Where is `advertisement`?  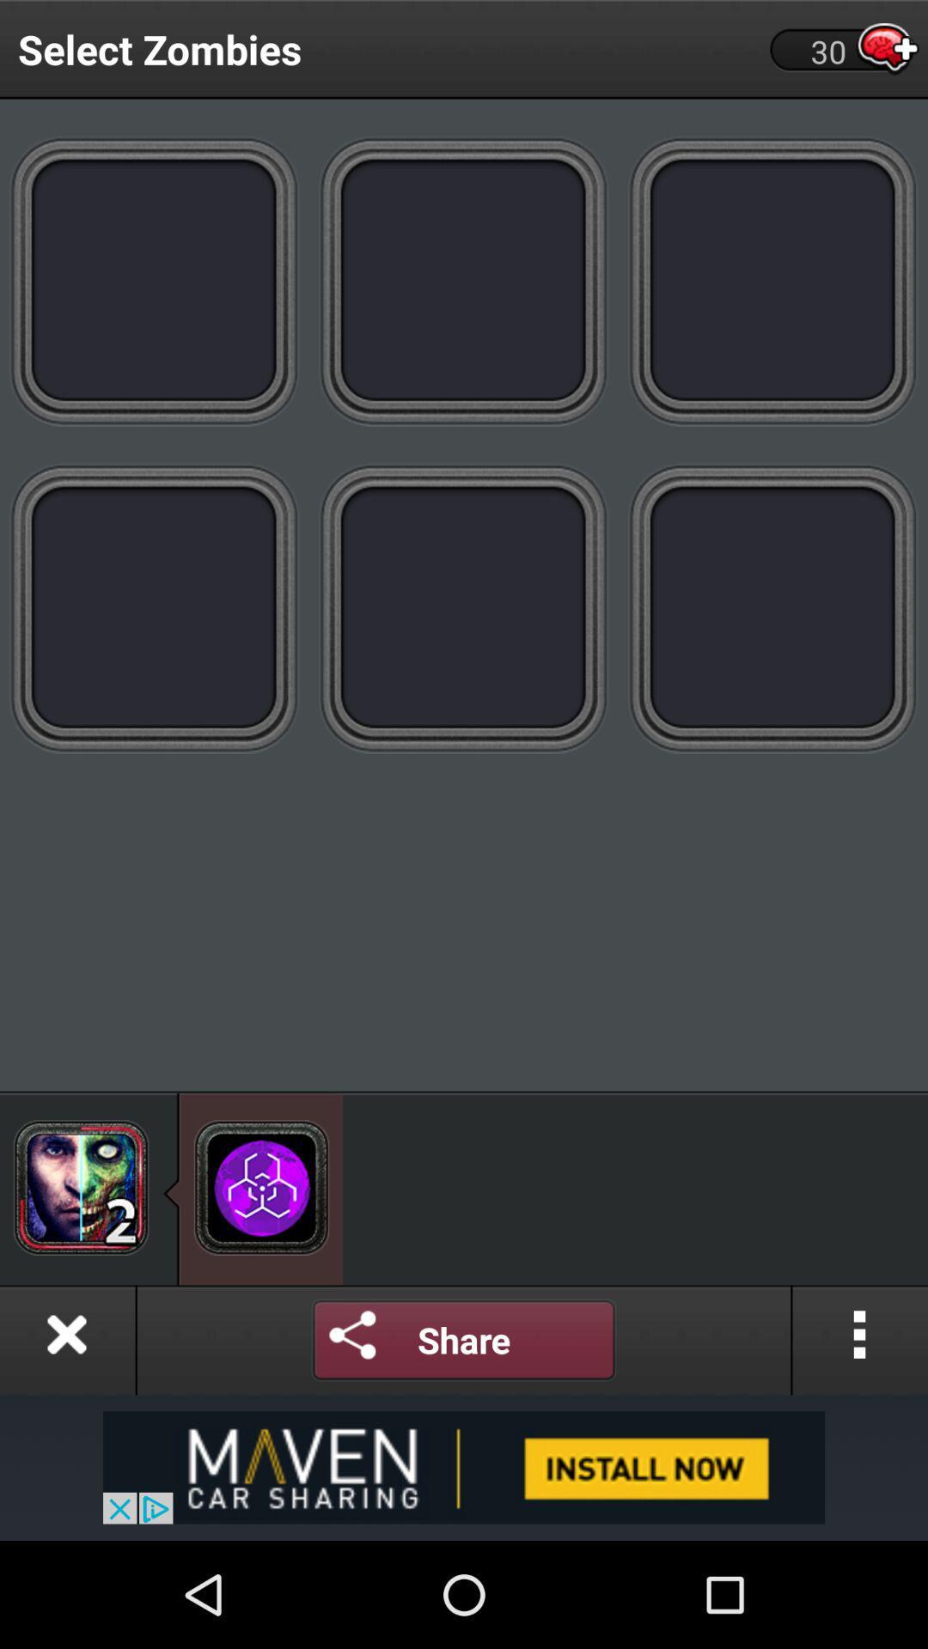
advertisement is located at coordinates (464, 1466).